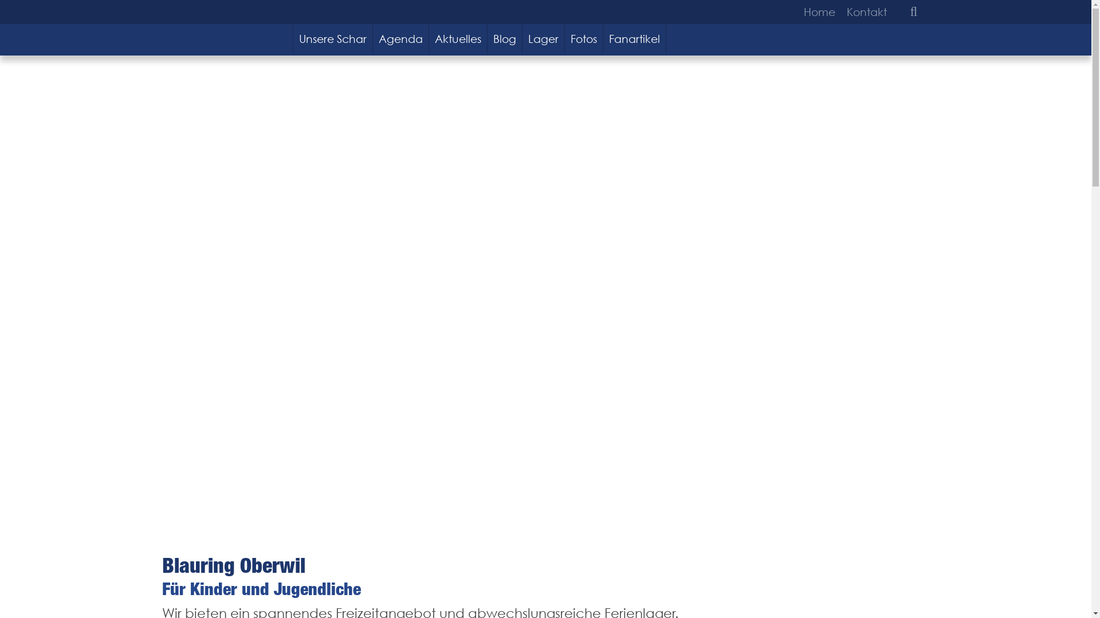 The height and width of the screenshot is (618, 1100). Describe the element at coordinates (504, 38) in the screenshot. I see `'Blog'` at that location.